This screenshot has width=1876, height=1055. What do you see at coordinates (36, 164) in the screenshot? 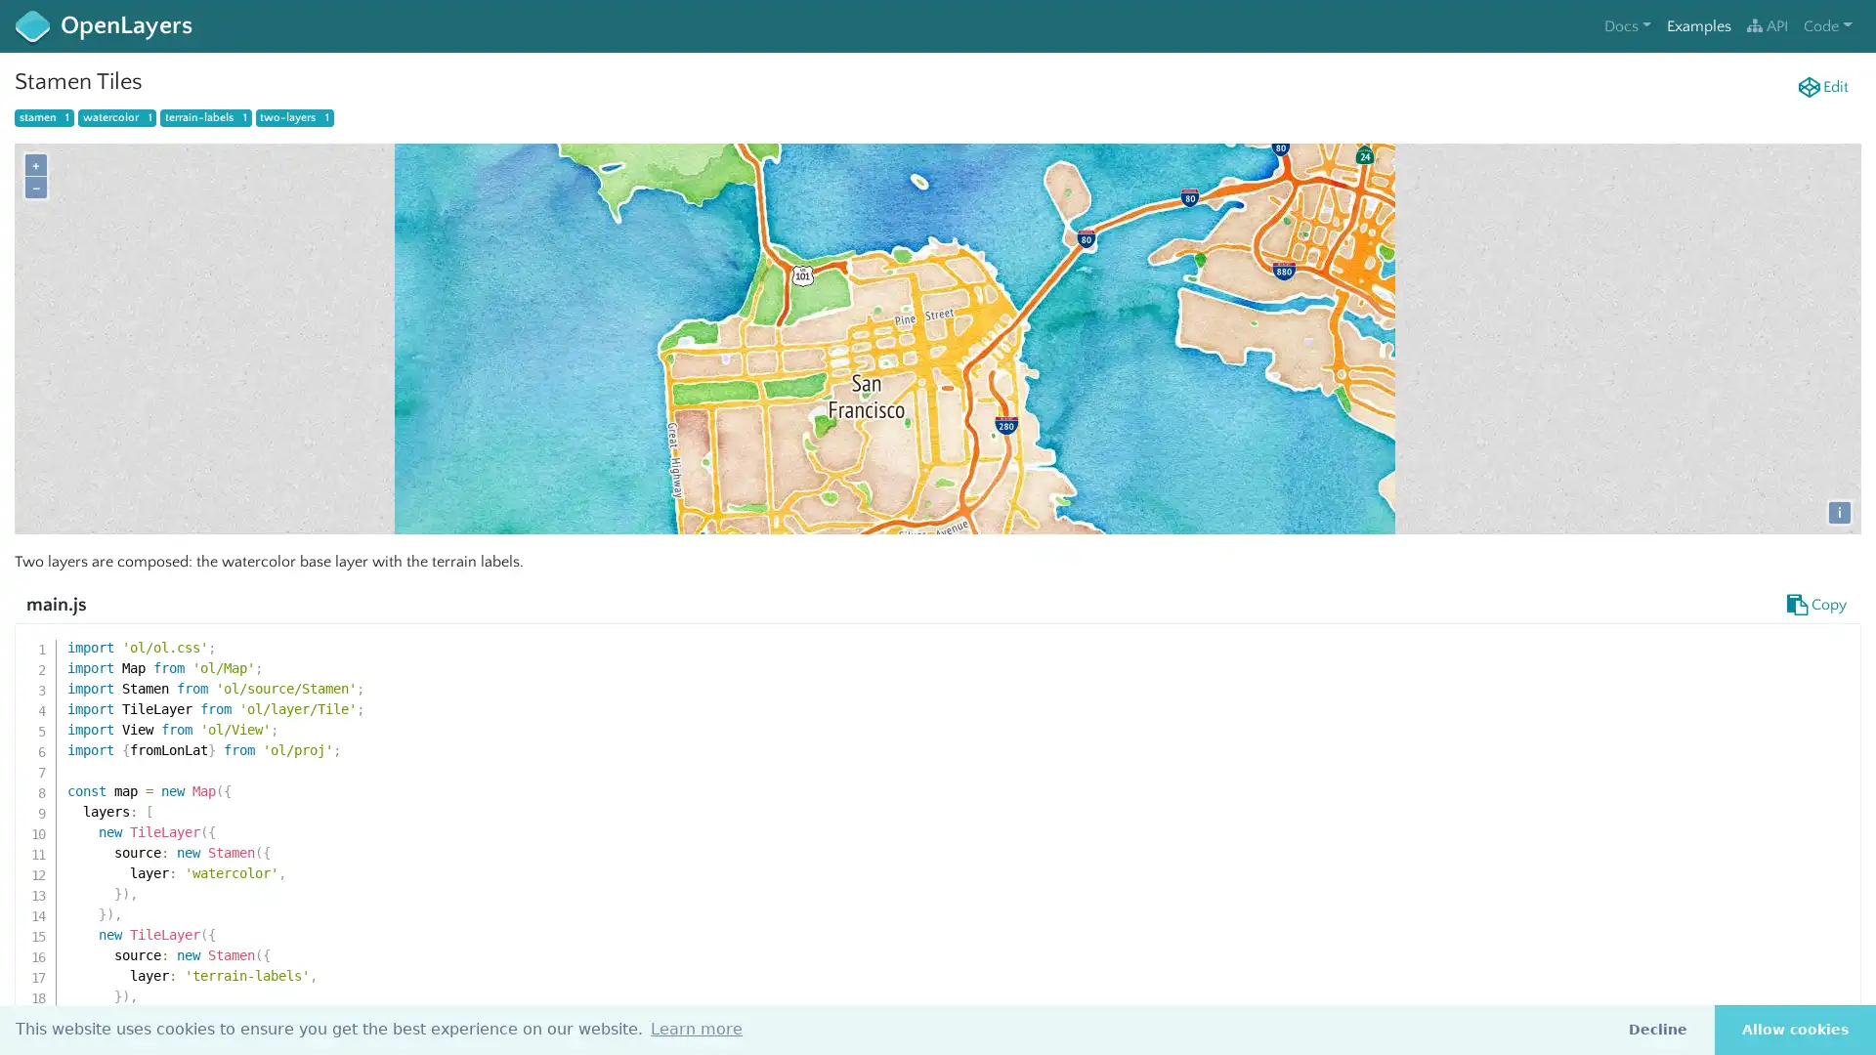
I see `+` at bounding box center [36, 164].